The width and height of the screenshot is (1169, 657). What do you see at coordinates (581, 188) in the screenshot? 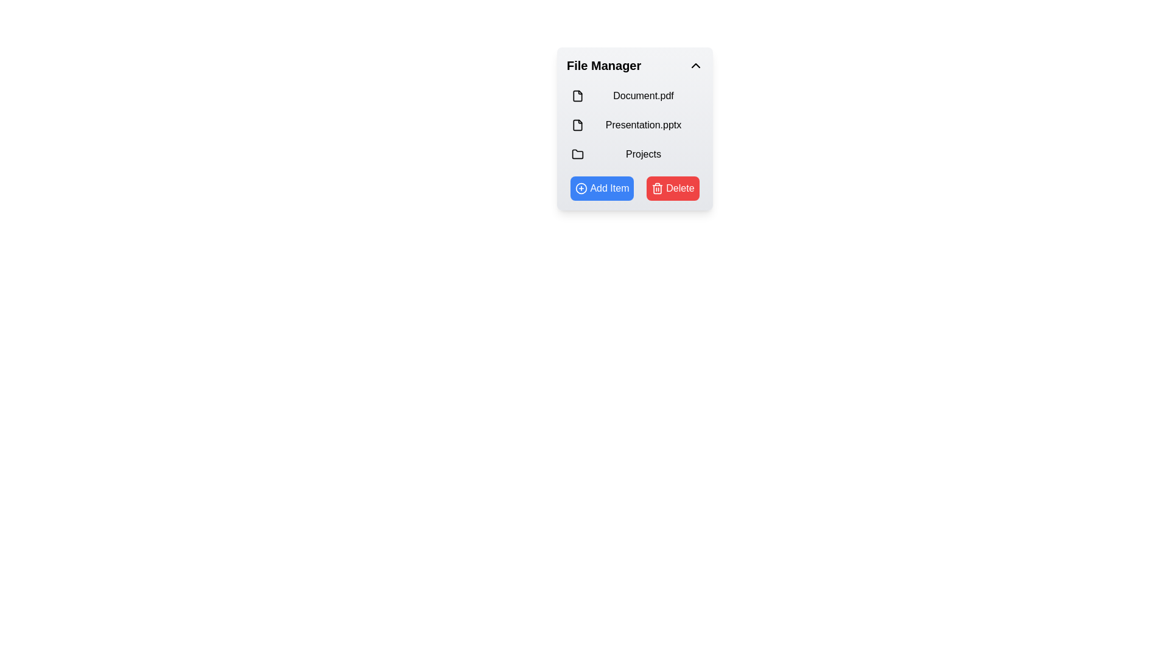
I see `the icon inside the 'Add Item' button located at the bottom-left area of the 'File Manager' panel, adjacent to the red 'Delete' button` at bounding box center [581, 188].